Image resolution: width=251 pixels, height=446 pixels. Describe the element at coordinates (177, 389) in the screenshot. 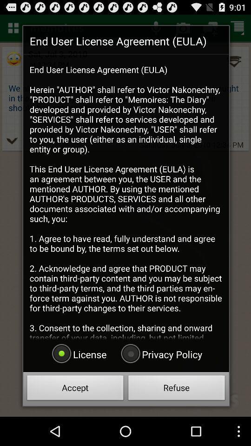

I see `refuse item` at that location.